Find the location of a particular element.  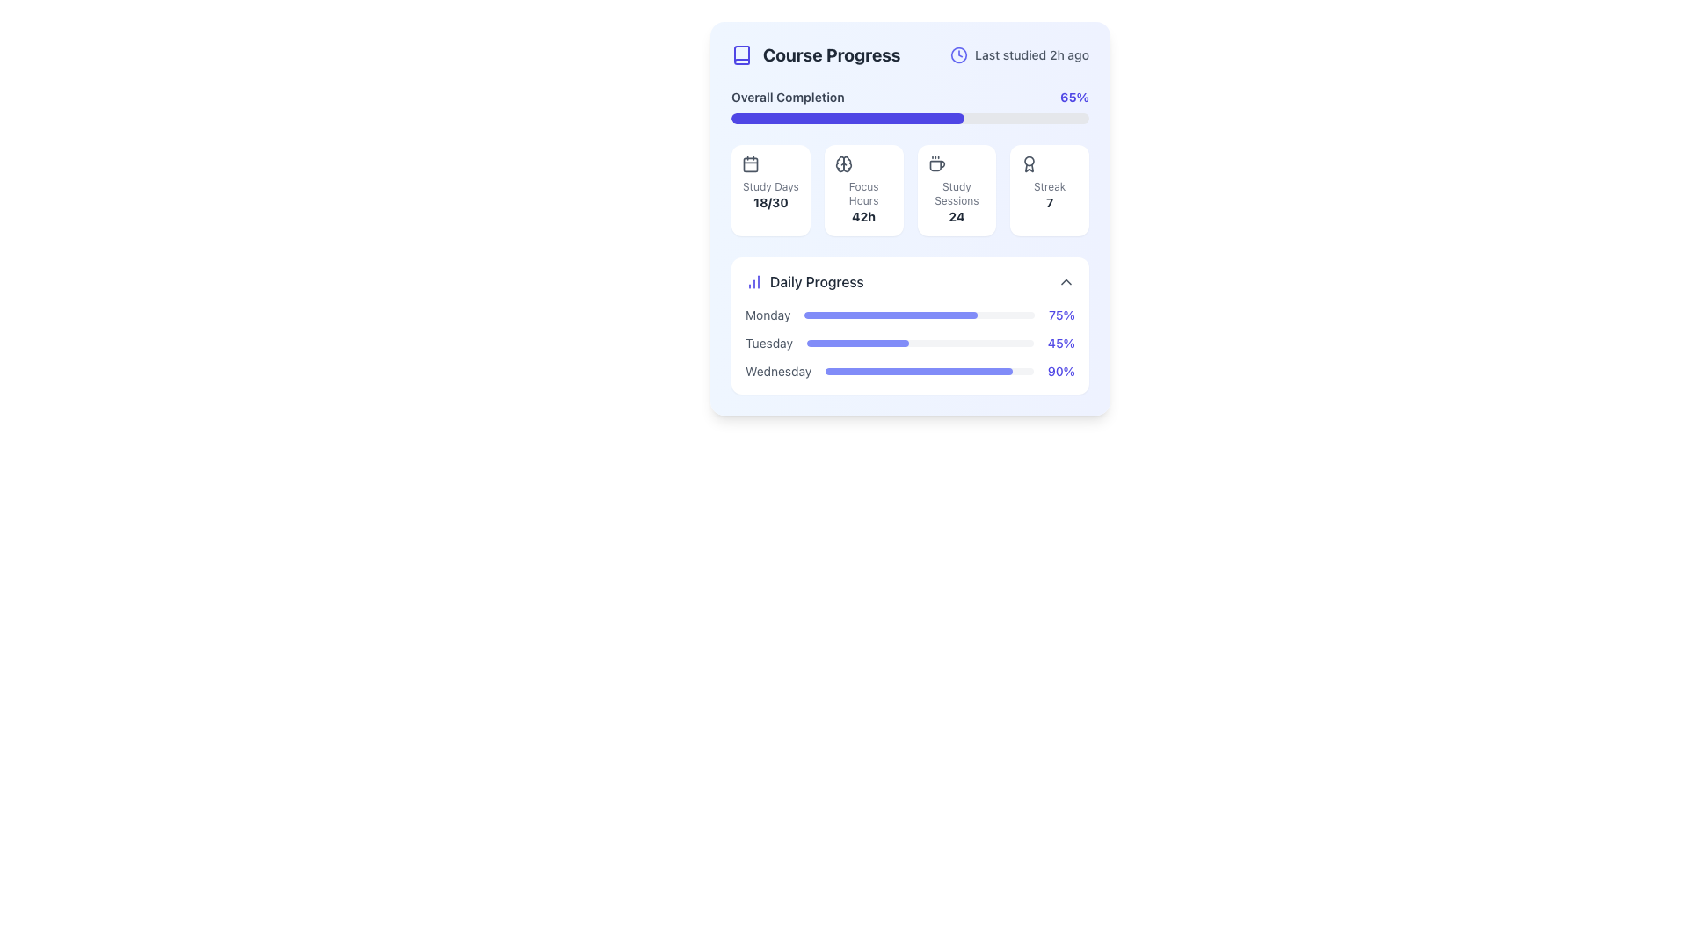

the expandable/collapsible icon located on the far-right side of the 'Daily Progress' section header is located at coordinates (1066, 280).